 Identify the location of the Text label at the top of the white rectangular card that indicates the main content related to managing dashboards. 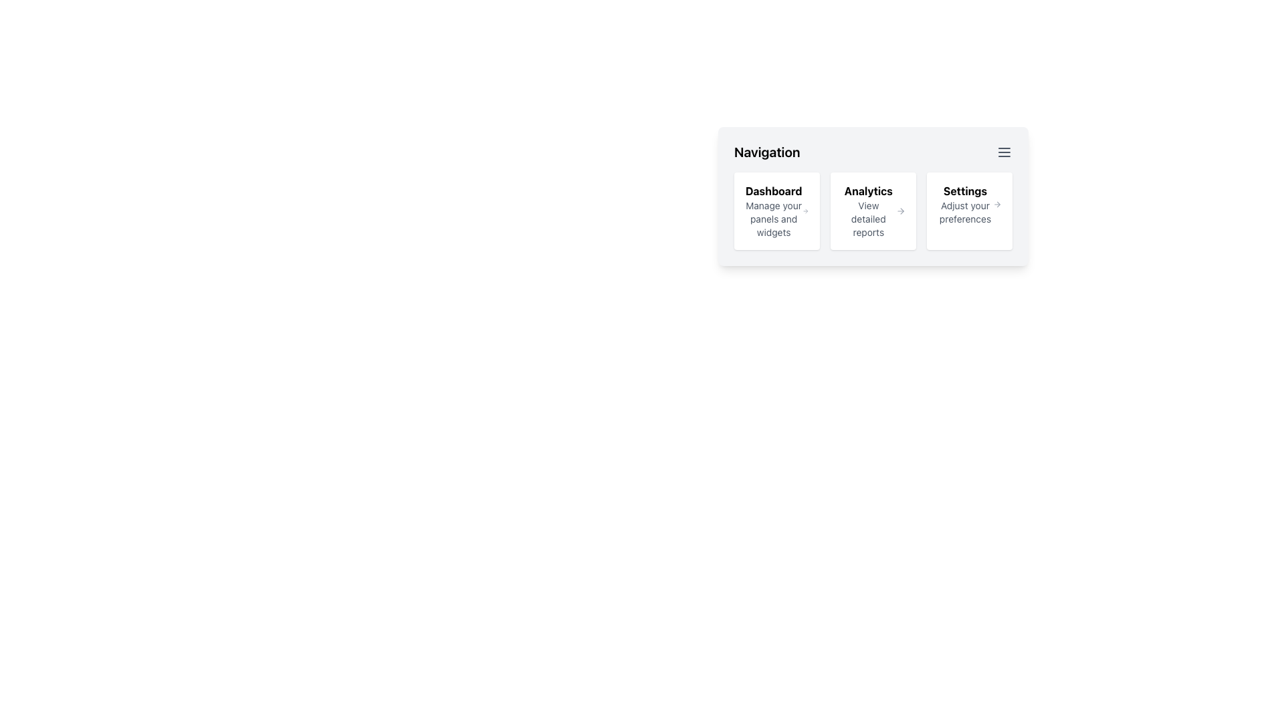
(774, 191).